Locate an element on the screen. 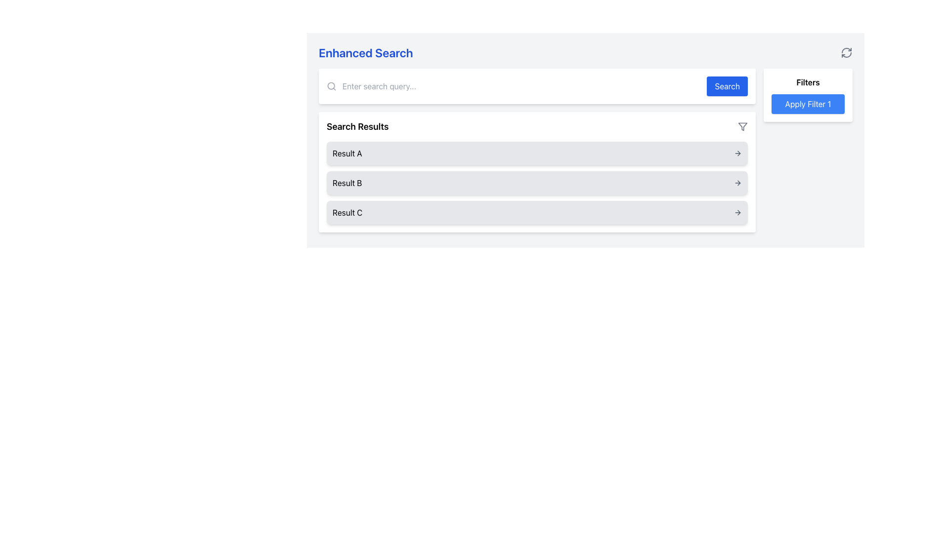 The height and width of the screenshot is (533, 949). the right-pointing arrow icon button located at the rightmost side of the 'Result B' button, which is aligned with the text 'Result B' is located at coordinates (737, 183).